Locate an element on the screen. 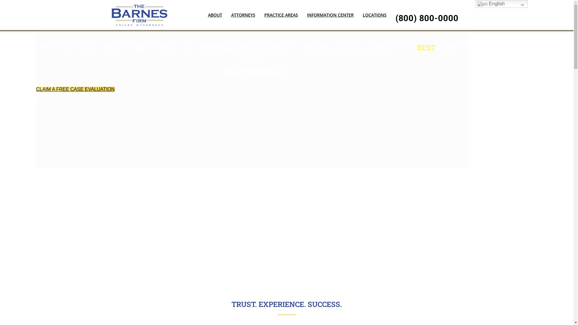  'CLAIM A FREE CASE EVALUATION' is located at coordinates (75, 89).